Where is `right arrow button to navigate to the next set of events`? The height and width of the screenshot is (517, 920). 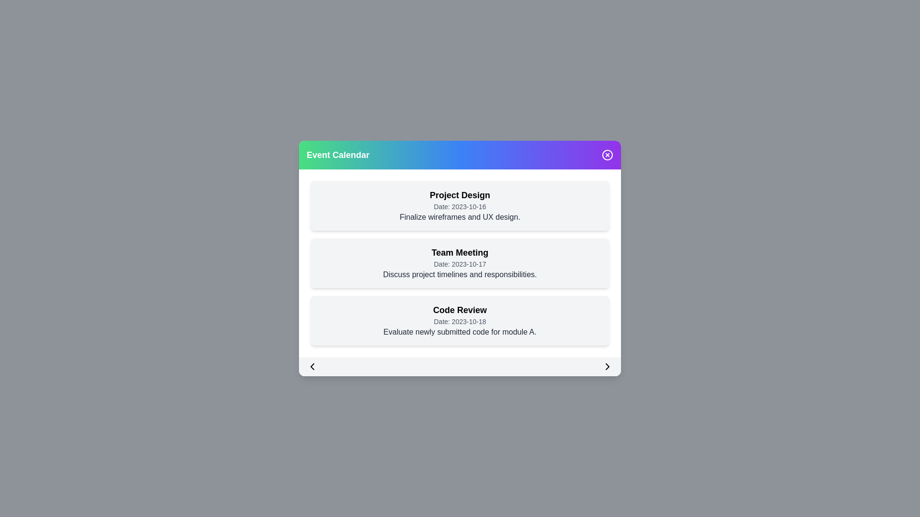 right arrow button to navigate to the next set of events is located at coordinates (607, 366).